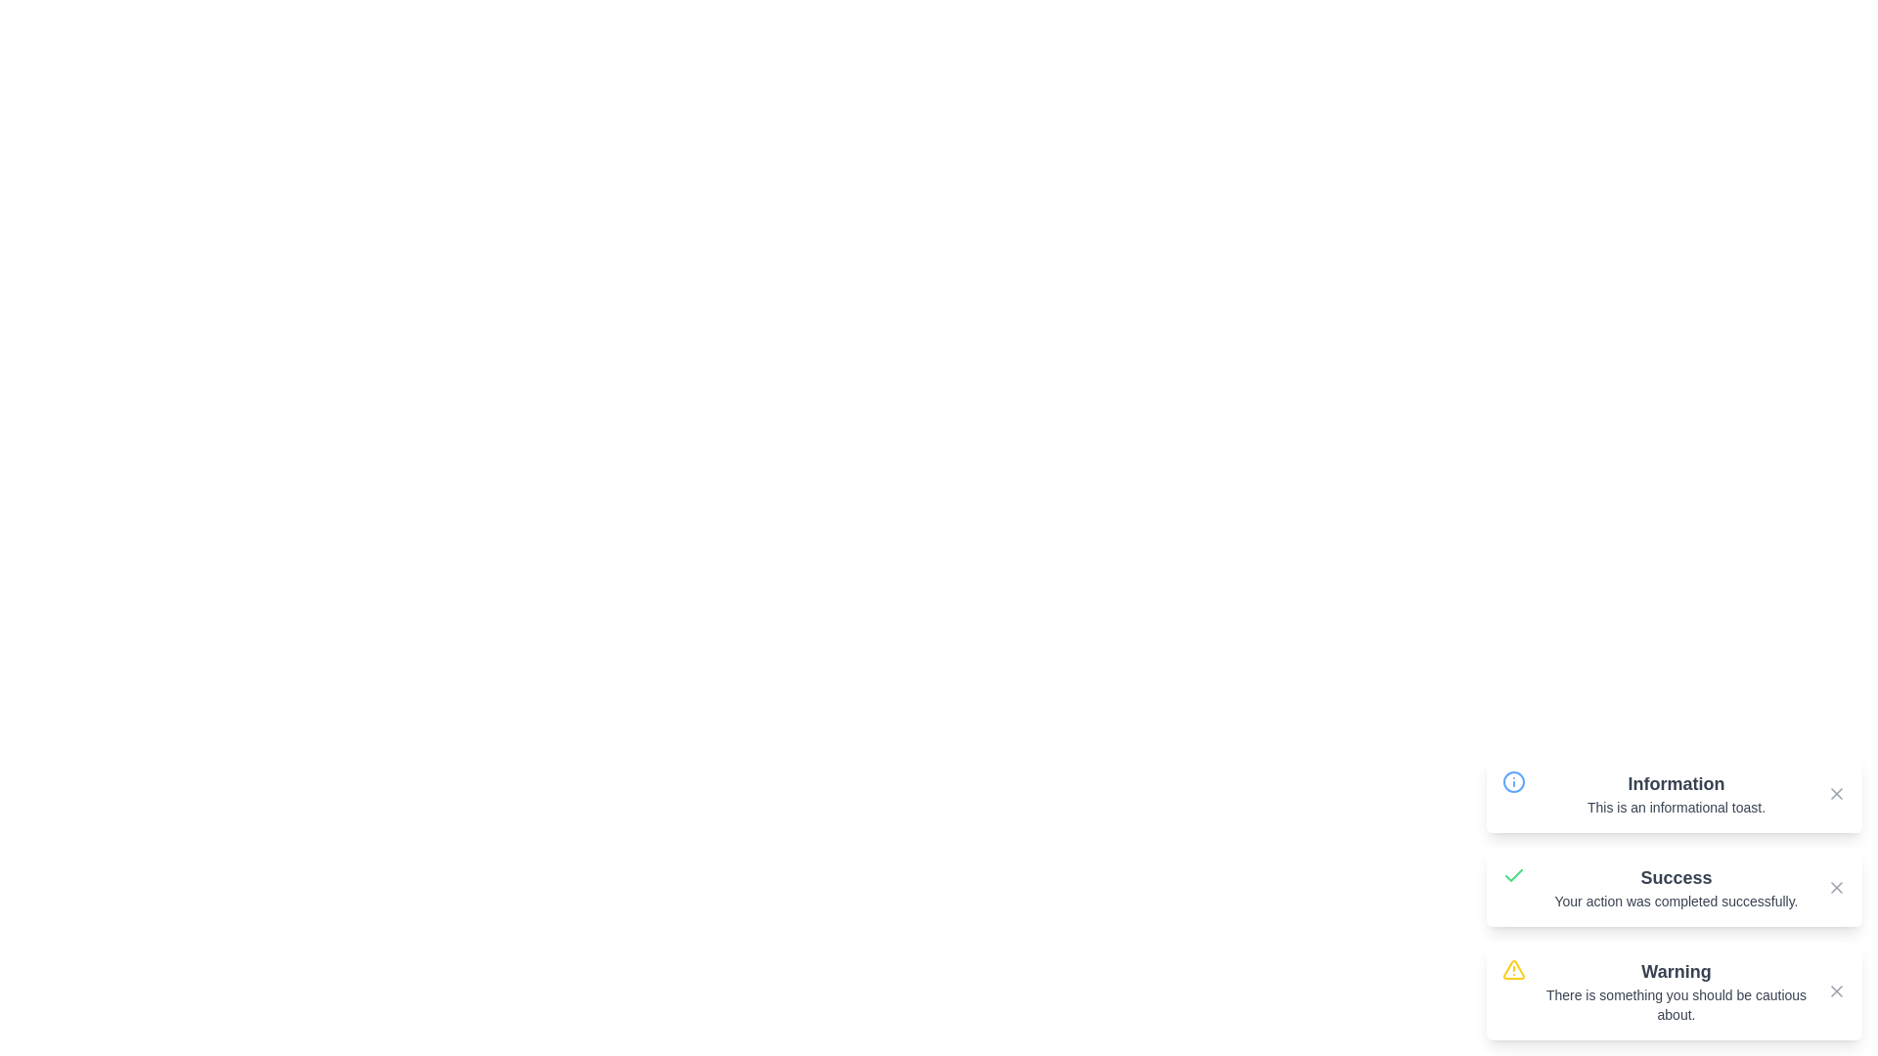 Image resolution: width=1878 pixels, height=1056 pixels. What do you see at coordinates (1512, 969) in the screenshot?
I see `the warning icon associated with the 'Warning There is something you should be cautious about.' message in the third toast notification on the right-hand side of the interface for contextual meaning` at bounding box center [1512, 969].